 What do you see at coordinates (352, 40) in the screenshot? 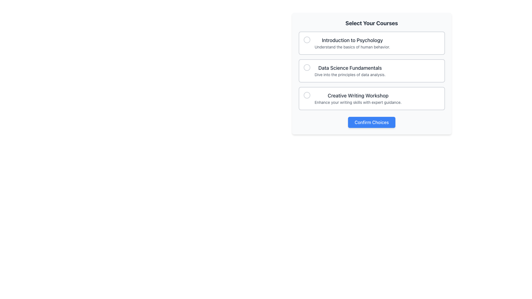
I see `the text label that serves as the title for the first course option in the list of courses, located within the central column under 'Select Your Courses'` at bounding box center [352, 40].